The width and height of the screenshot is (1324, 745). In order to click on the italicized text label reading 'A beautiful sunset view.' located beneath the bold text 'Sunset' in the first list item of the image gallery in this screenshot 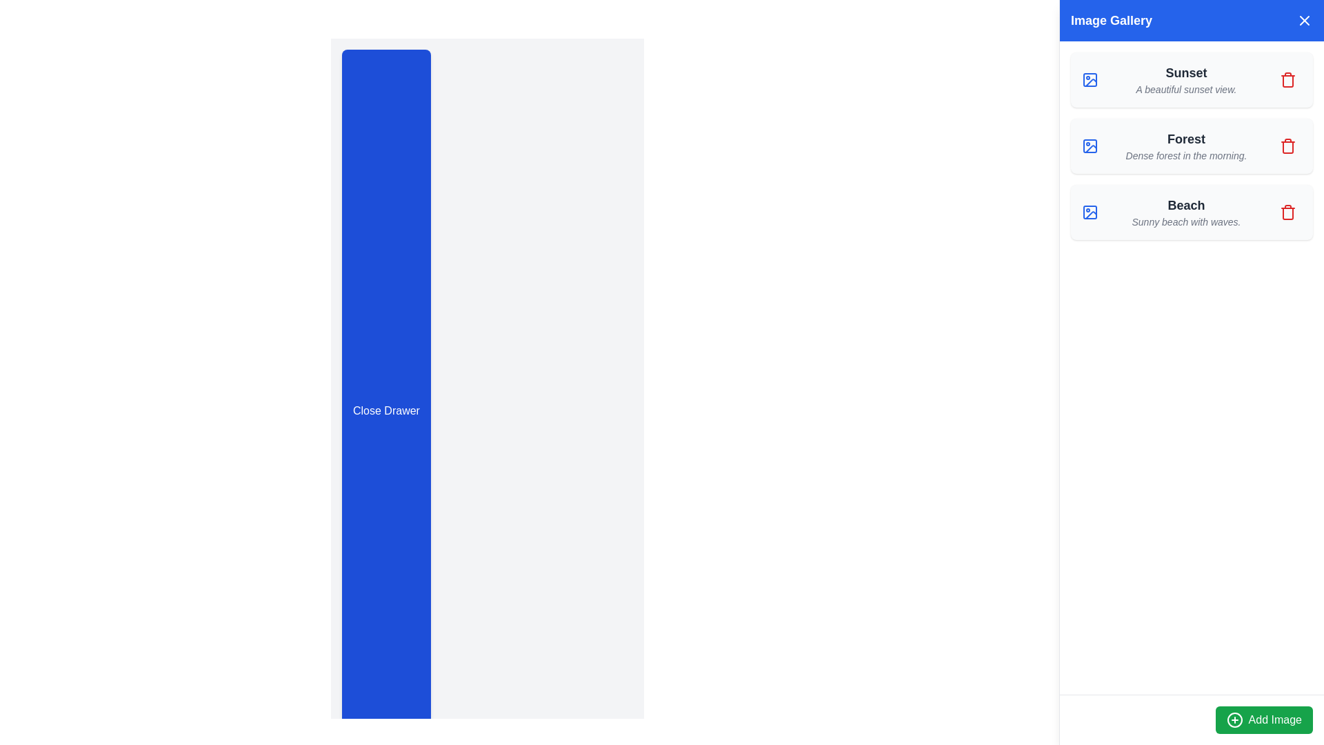, I will do `click(1185, 90)`.